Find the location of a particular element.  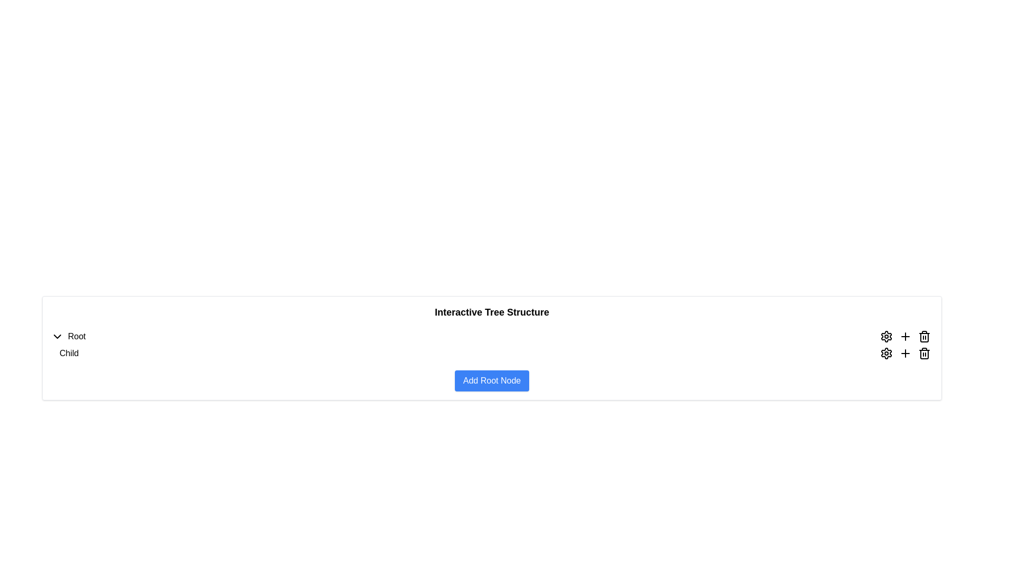

the settings button located in the top-right section of the interface is located at coordinates (885, 354).